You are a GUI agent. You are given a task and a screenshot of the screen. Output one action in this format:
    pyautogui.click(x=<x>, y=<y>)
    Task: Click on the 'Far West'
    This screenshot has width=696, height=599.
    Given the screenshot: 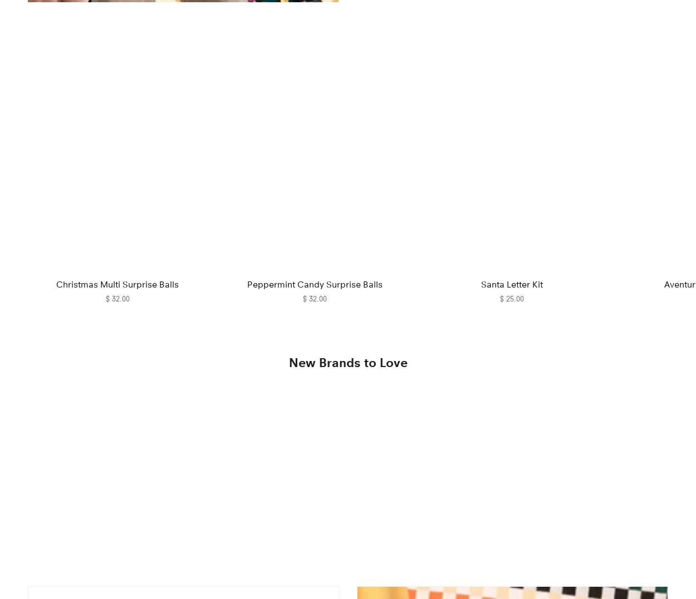 What is the action you would take?
    pyautogui.click(x=264, y=551)
    